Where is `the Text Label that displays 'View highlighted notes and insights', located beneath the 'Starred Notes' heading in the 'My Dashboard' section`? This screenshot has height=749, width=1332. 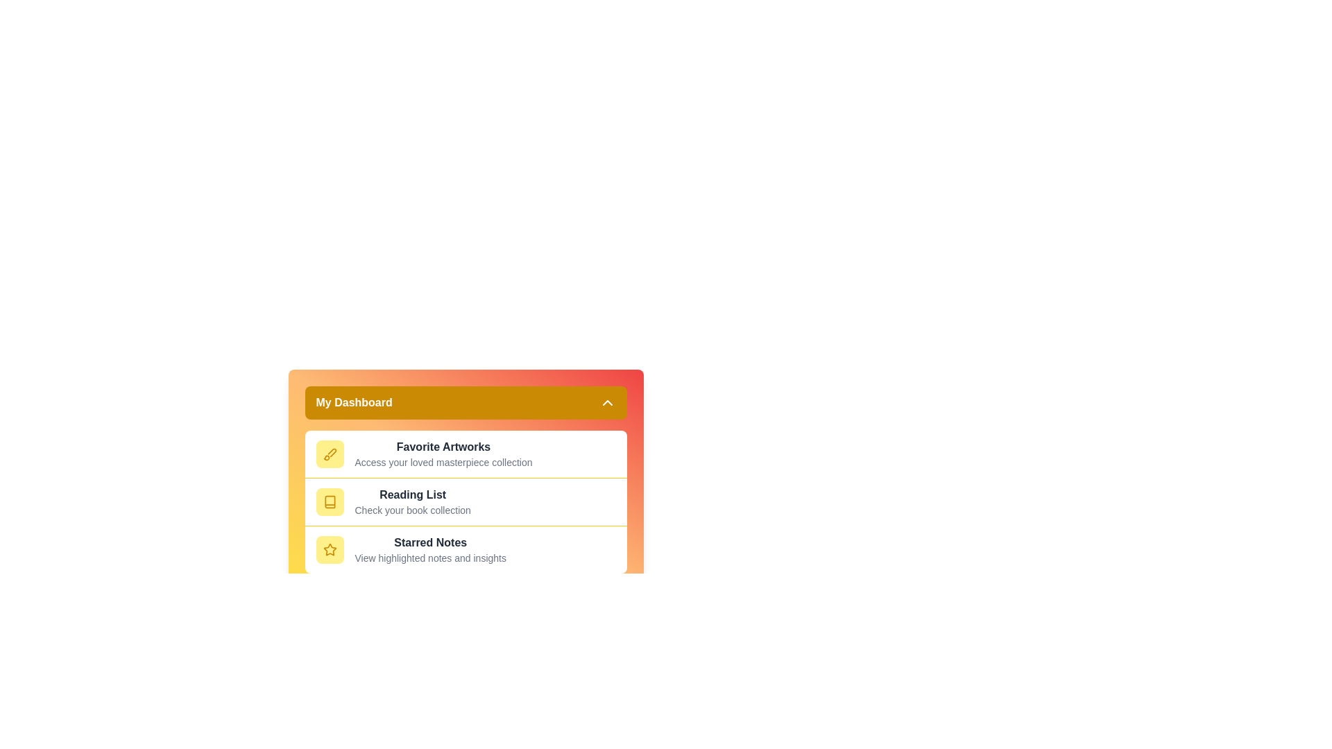
the Text Label that displays 'View highlighted notes and insights', located beneath the 'Starred Notes' heading in the 'My Dashboard' section is located at coordinates (429, 558).